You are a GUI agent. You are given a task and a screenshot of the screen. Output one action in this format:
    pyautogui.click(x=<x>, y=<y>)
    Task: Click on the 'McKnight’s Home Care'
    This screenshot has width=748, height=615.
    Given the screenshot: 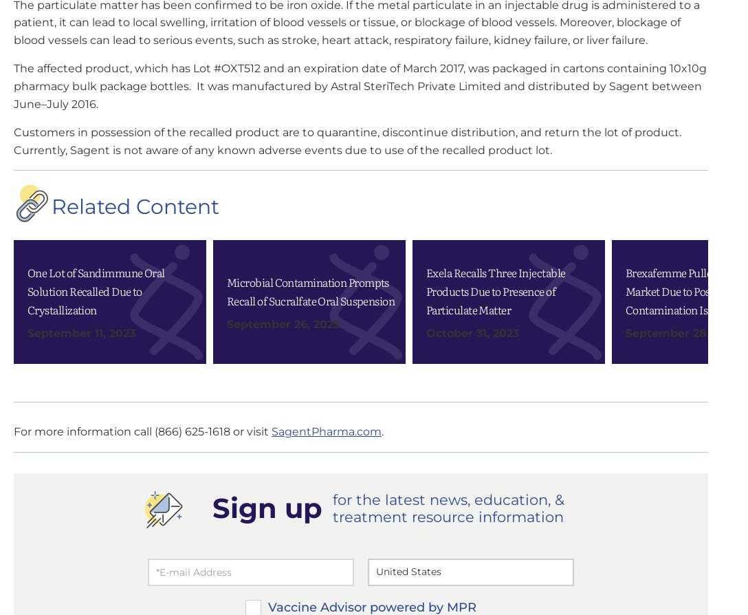 What is the action you would take?
    pyautogui.click(x=551, y=205)
    